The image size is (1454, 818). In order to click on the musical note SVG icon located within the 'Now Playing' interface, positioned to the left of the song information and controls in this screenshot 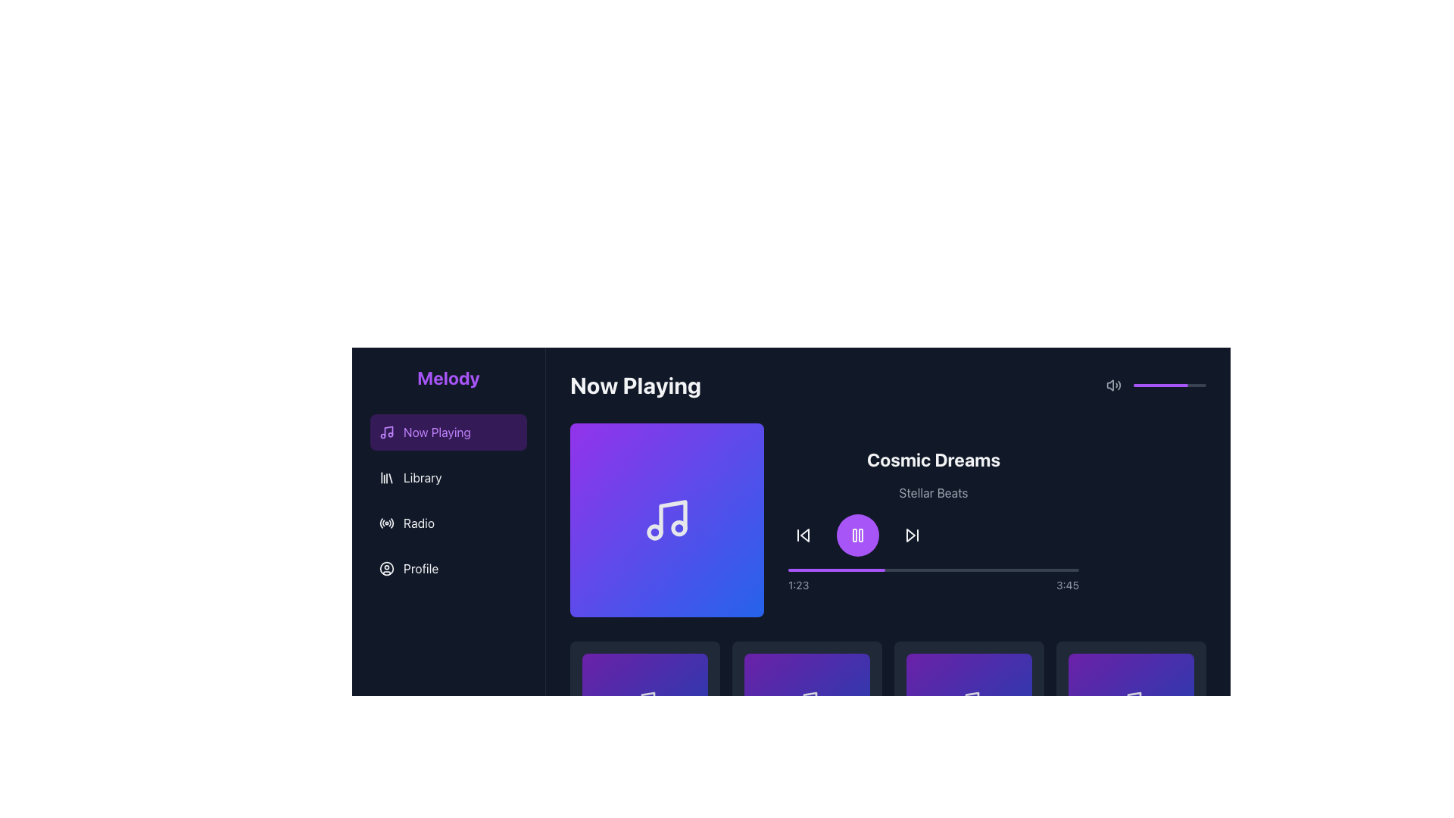, I will do `click(666, 519)`.